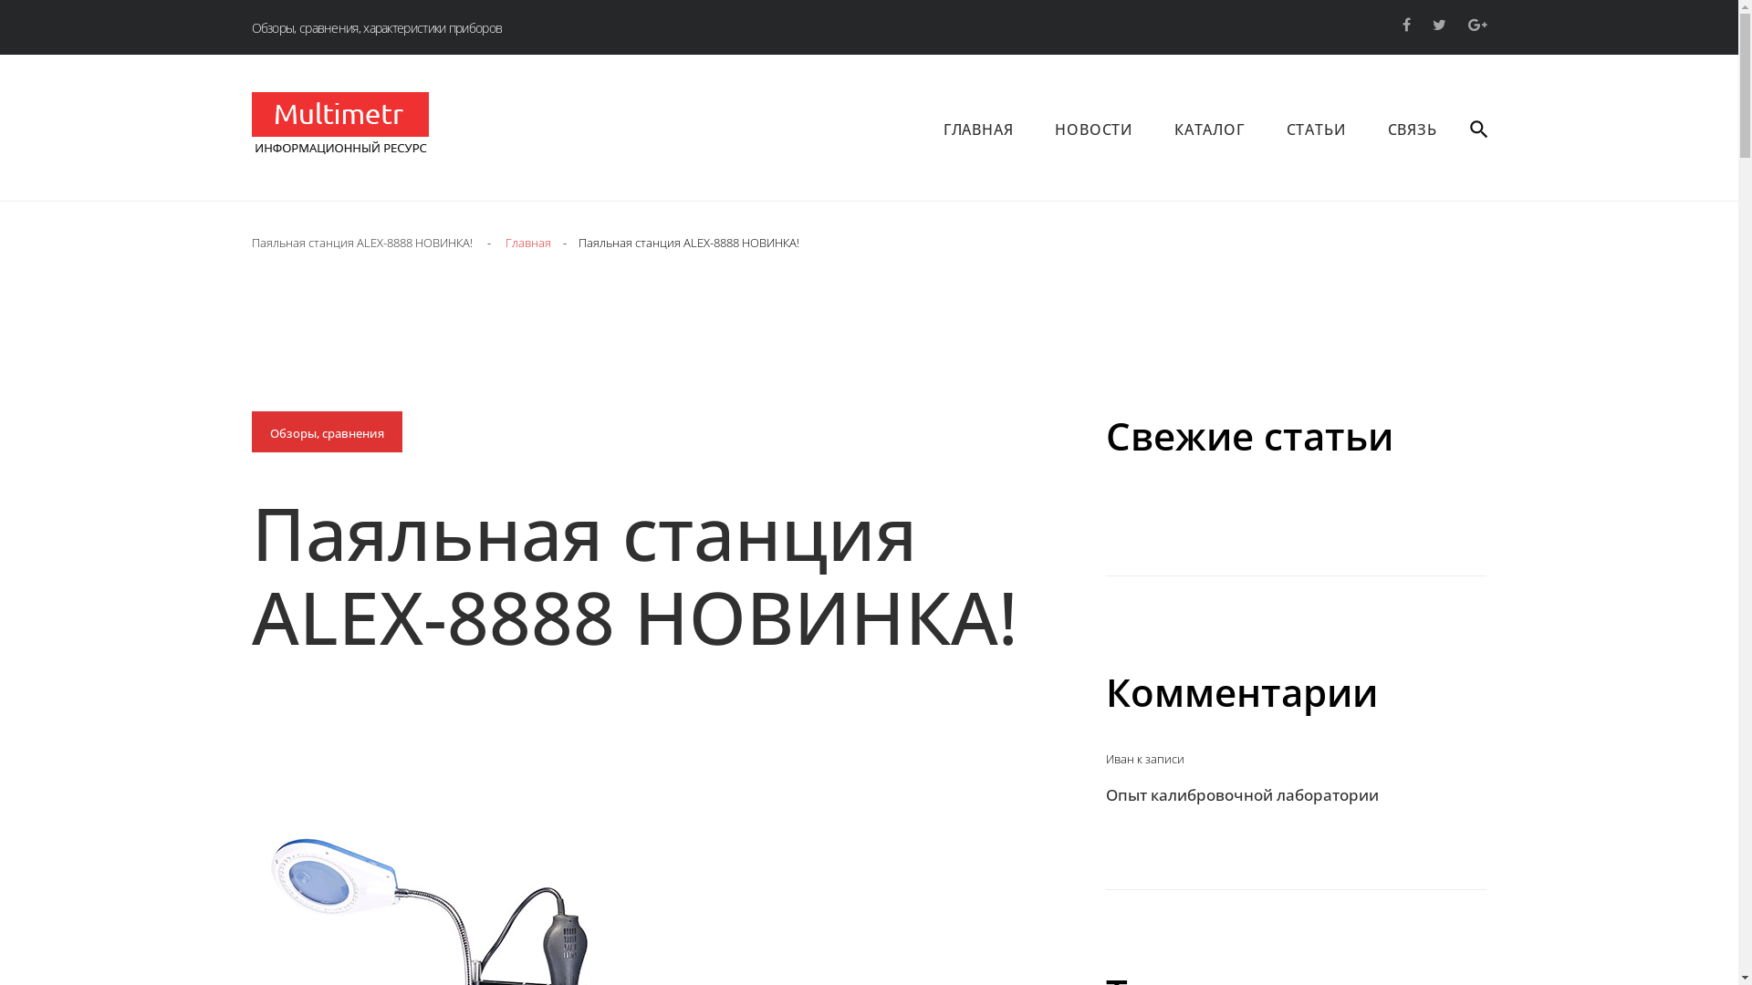 Image resolution: width=1752 pixels, height=985 pixels. What do you see at coordinates (1476, 25) in the screenshot?
I see `'google+'` at bounding box center [1476, 25].